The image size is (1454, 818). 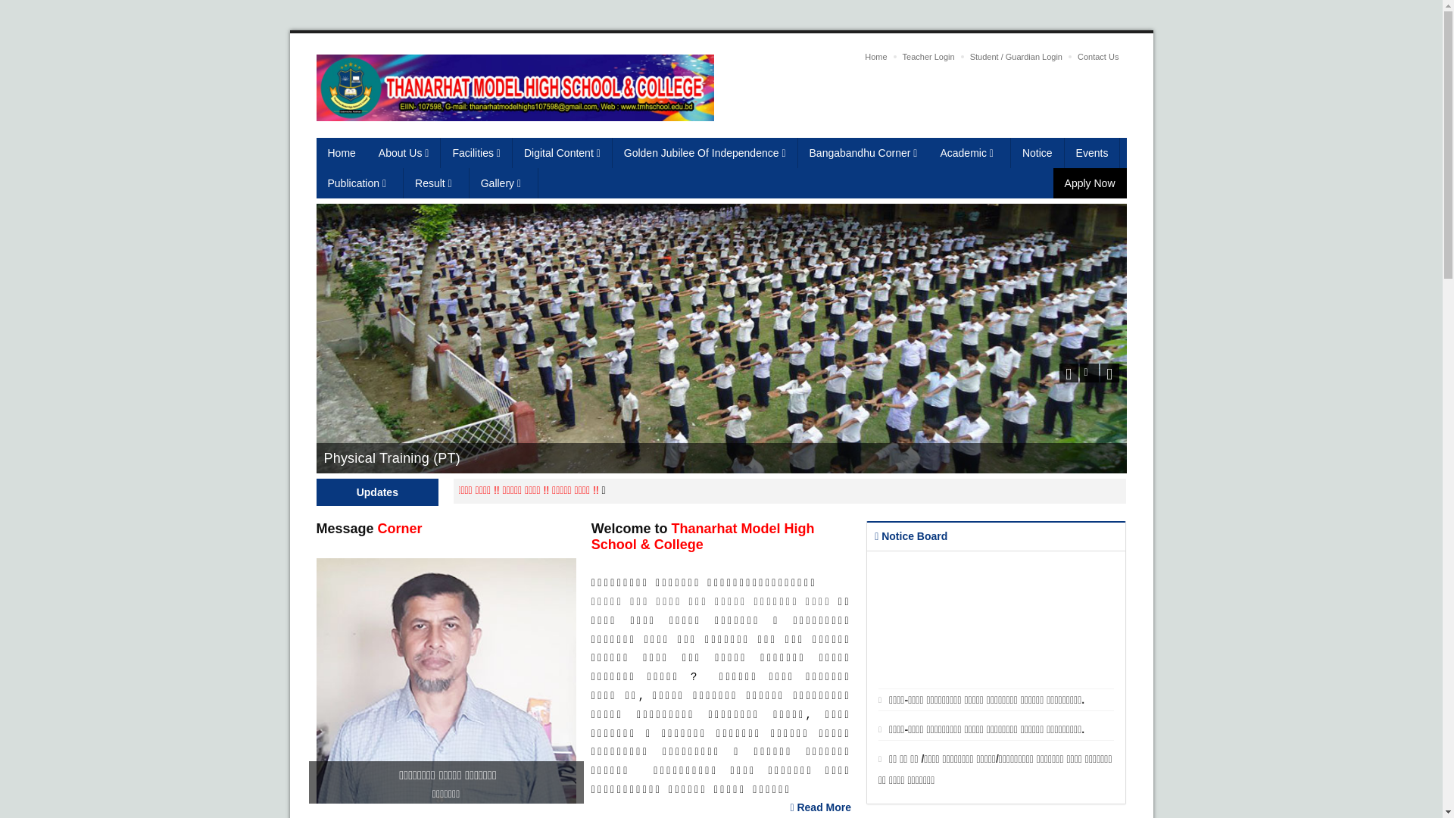 I want to click on 'About Us', so click(x=404, y=152).